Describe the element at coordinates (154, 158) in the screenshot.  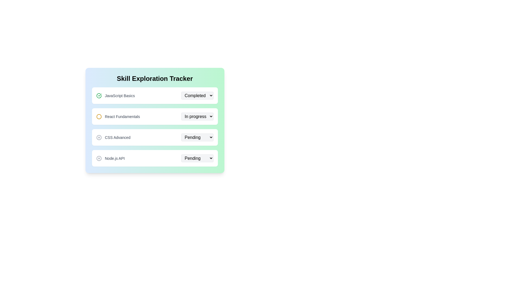
I see `the dropdown in the Task status row labeled 'Node.js API'` at that location.